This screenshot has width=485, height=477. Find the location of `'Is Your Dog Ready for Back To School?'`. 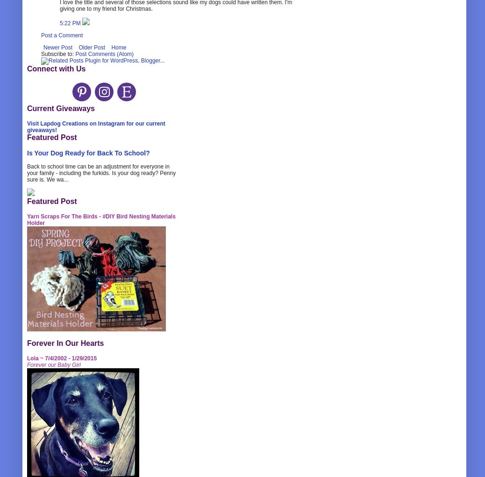

'Is Your Dog Ready for Back To School?' is located at coordinates (88, 152).